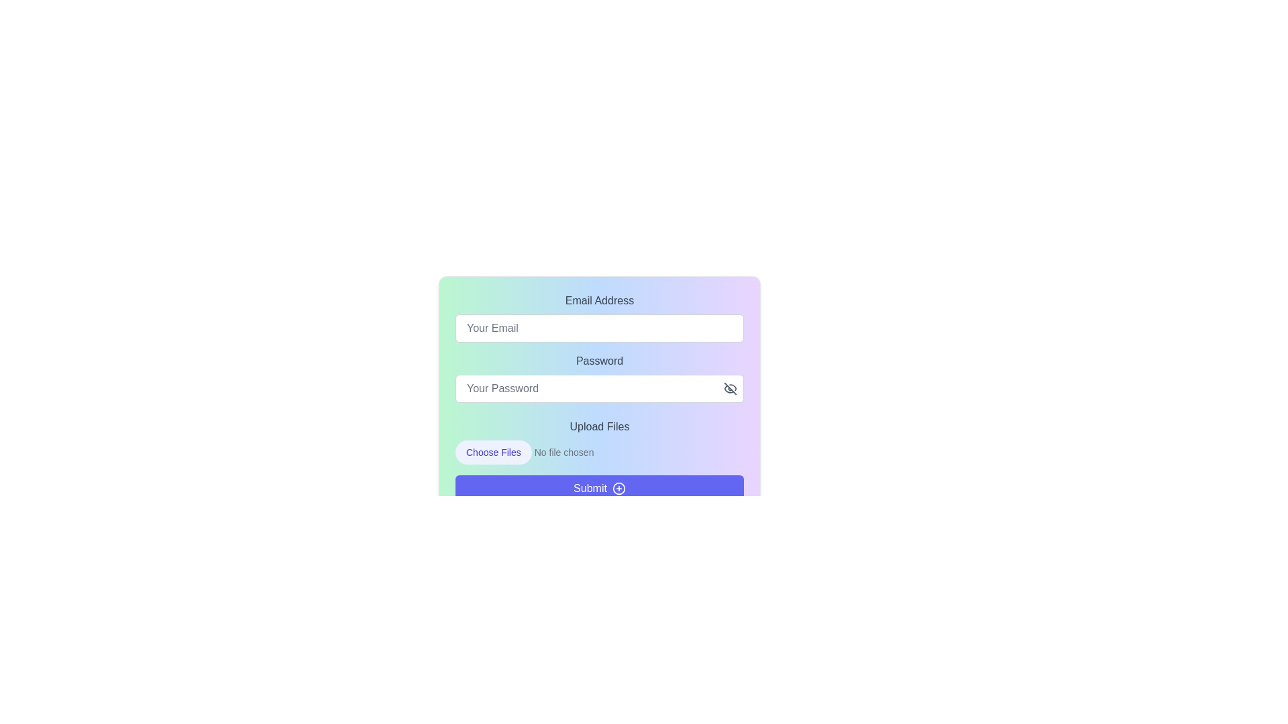  Describe the element at coordinates (598, 489) in the screenshot. I see `the 'Submit' button with rounded corners and a solid indigo background to observe the visual feedback` at that location.